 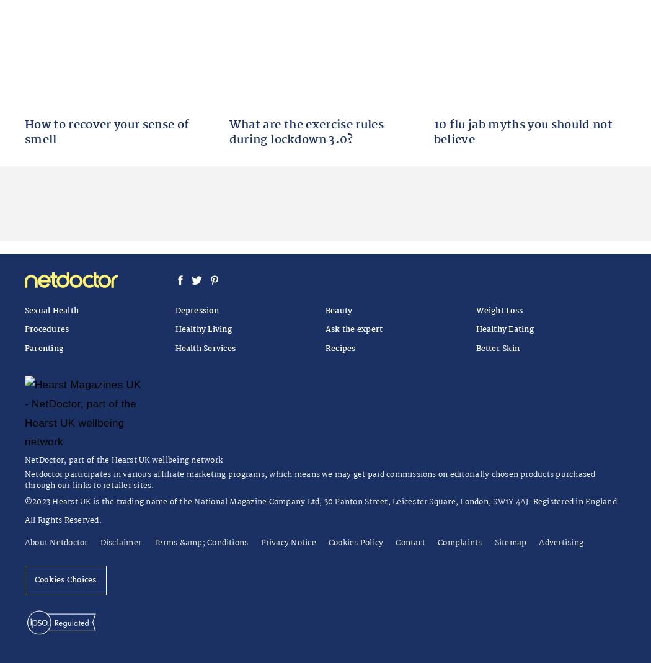 I want to click on 'Netdoctor participates in various affiliate marketing programs, which means we may get paid commissions on editorially chosen products purchased through our links to retailer sites.', so click(x=309, y=479).